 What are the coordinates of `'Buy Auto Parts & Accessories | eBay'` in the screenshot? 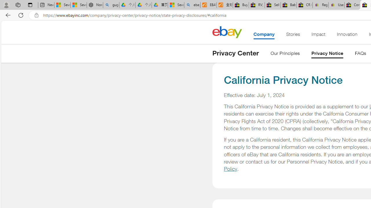 It's located at (241, 5).